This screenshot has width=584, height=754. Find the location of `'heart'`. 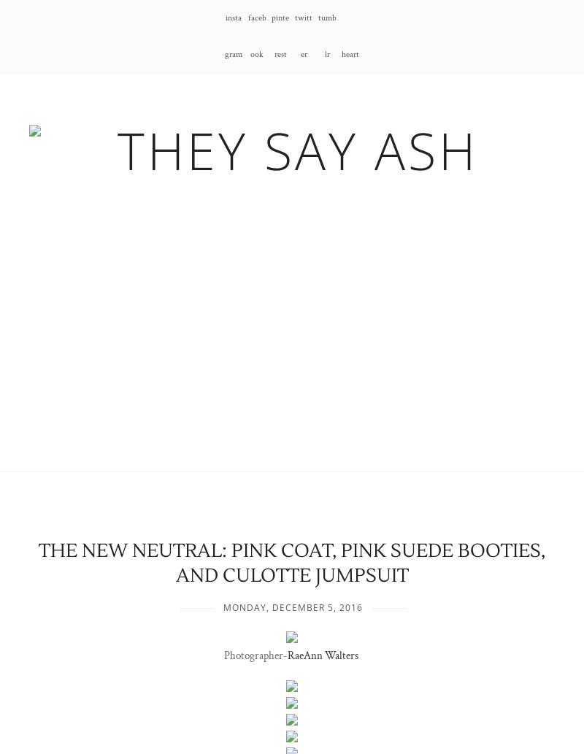

'heart' is located at coordinates (350, 54).